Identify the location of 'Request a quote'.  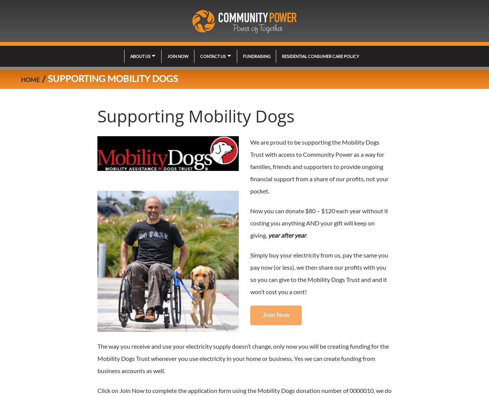
(218, 77).